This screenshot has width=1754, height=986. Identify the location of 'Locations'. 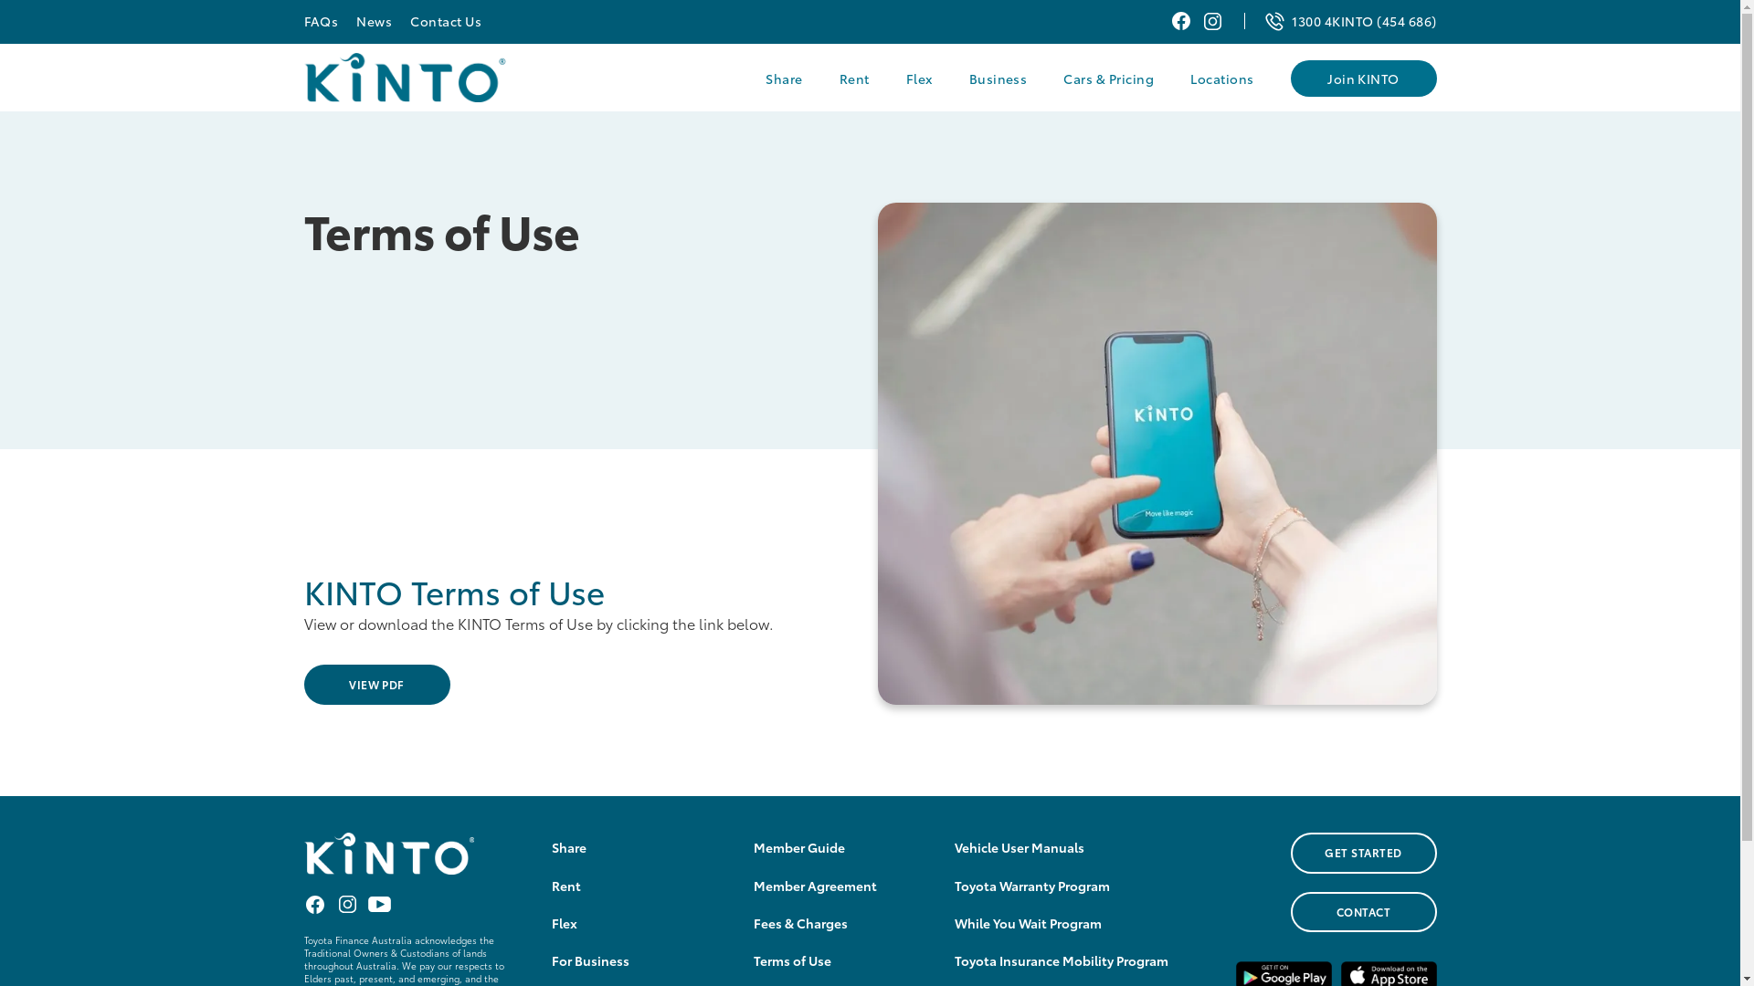
(1221, 77).